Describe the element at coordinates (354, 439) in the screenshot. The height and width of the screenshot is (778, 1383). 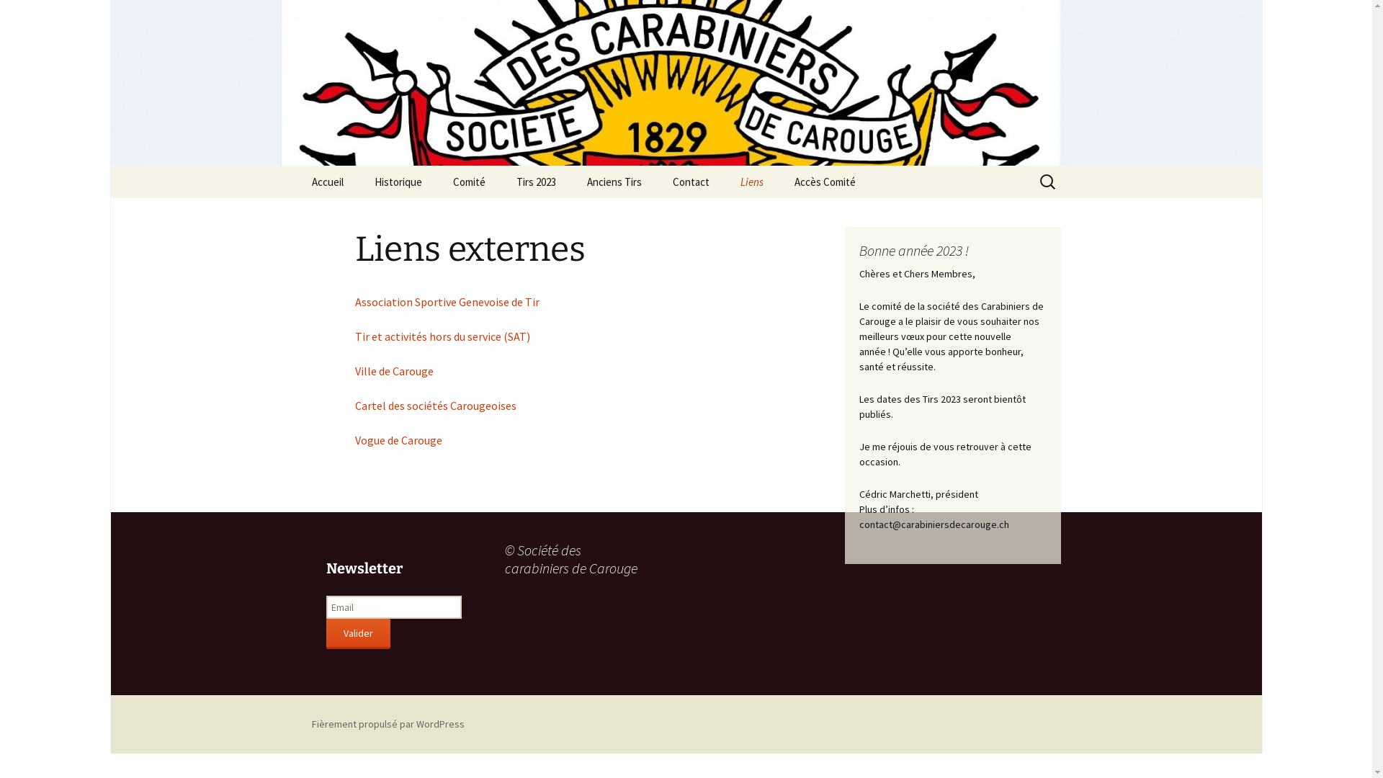
I see `'Vogue de Carouge'` at that location.